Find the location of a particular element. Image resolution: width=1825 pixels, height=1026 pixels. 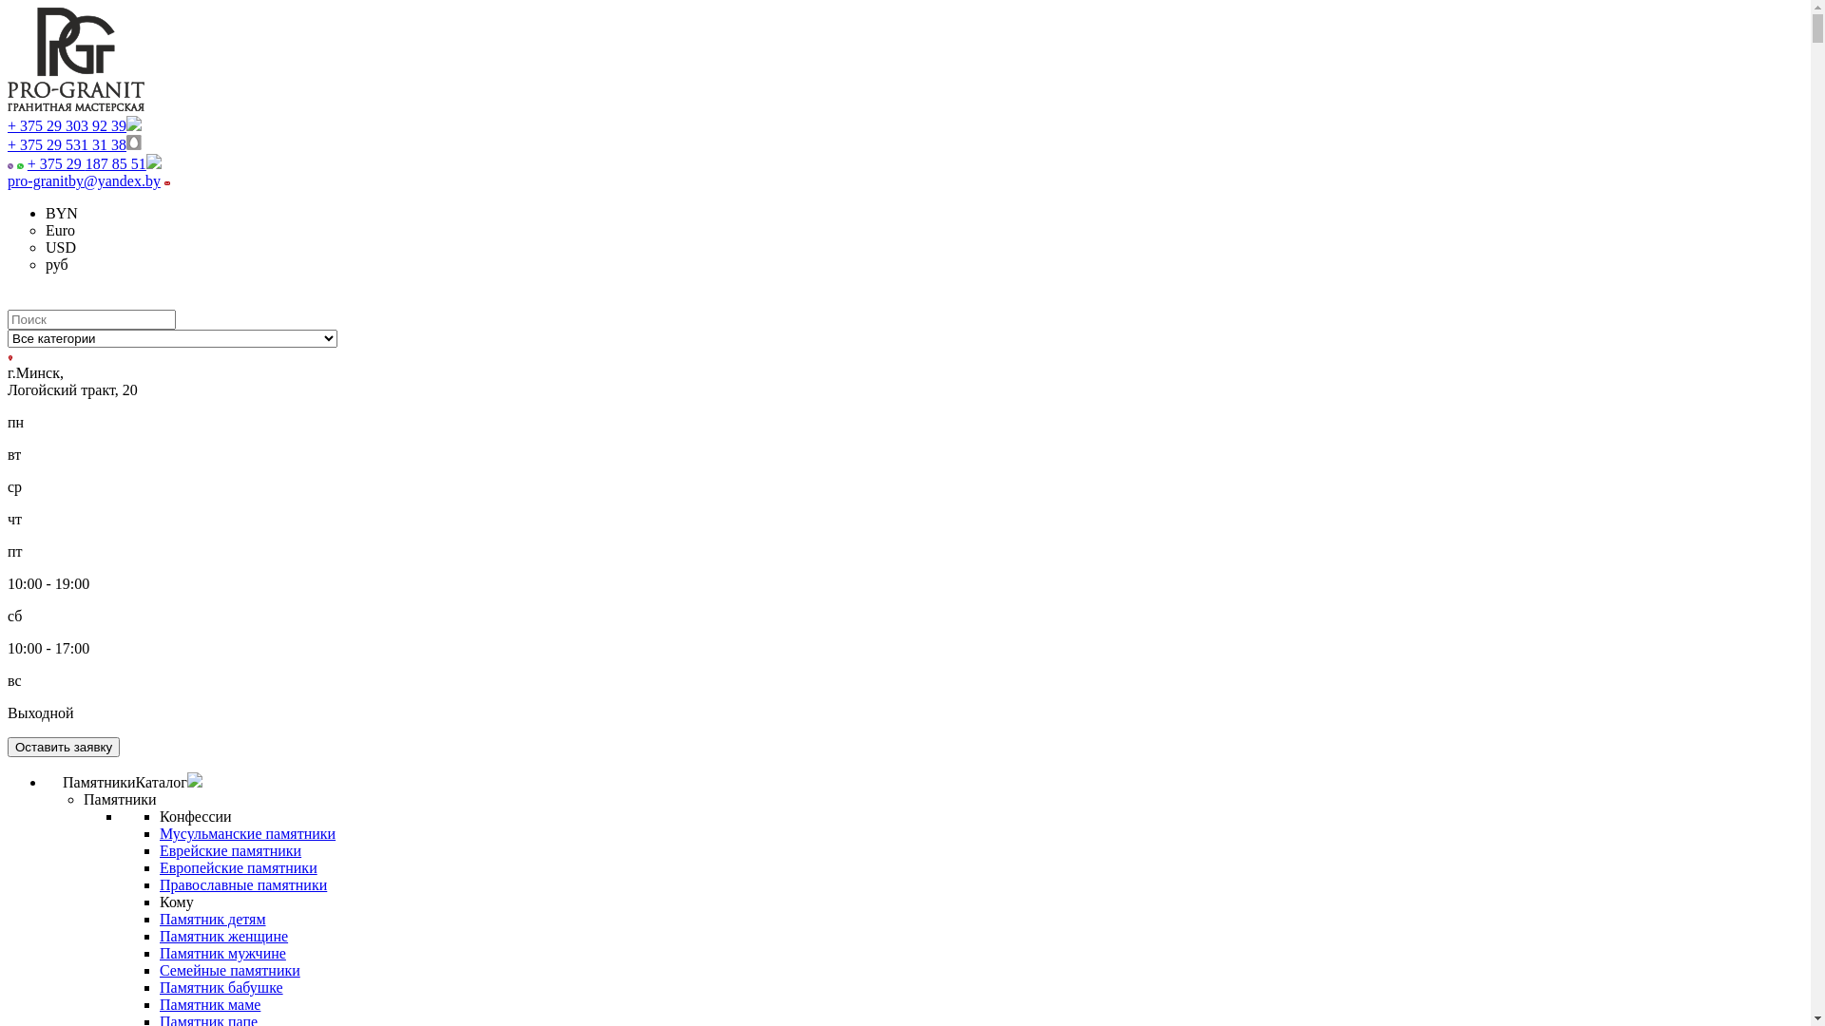

'+ 375 29 531 31 38' is located at coordinates (74, 143).